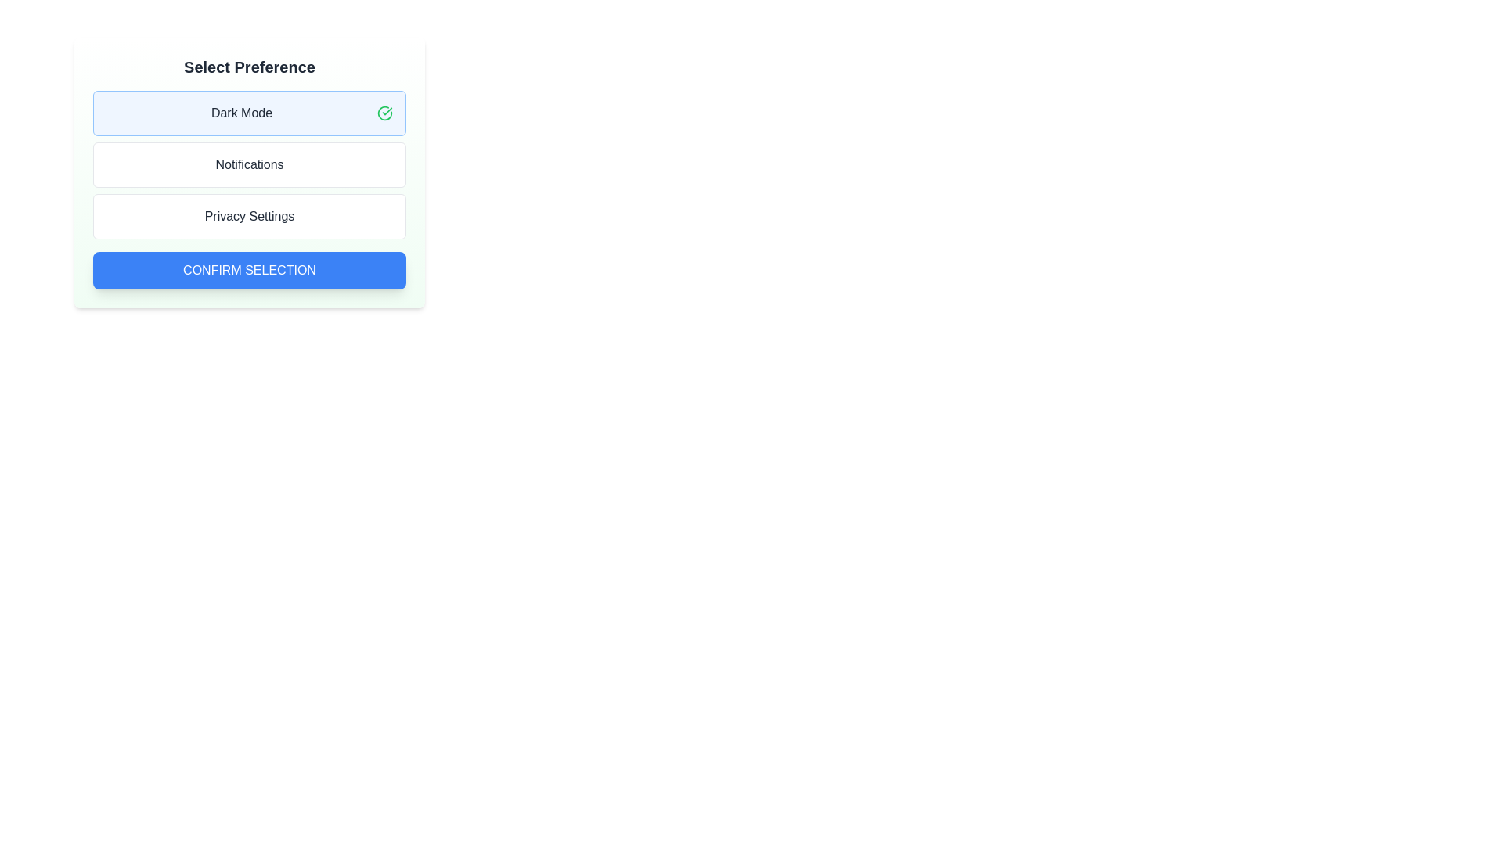 Image resolution: width=1503 pixels, height=845 pixels. Describe the element at coordinates (248, 113) in the screenshot. I see `the 'Dark Mode' button, which is the first item in the 'Select Preference' list` at that location.